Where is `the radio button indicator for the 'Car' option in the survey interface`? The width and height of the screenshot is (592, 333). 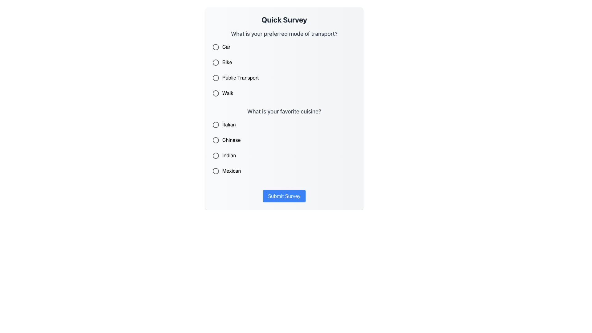 the radio button indicator for the 'Car' option in the survey interface is located at coordinates (216, 47).